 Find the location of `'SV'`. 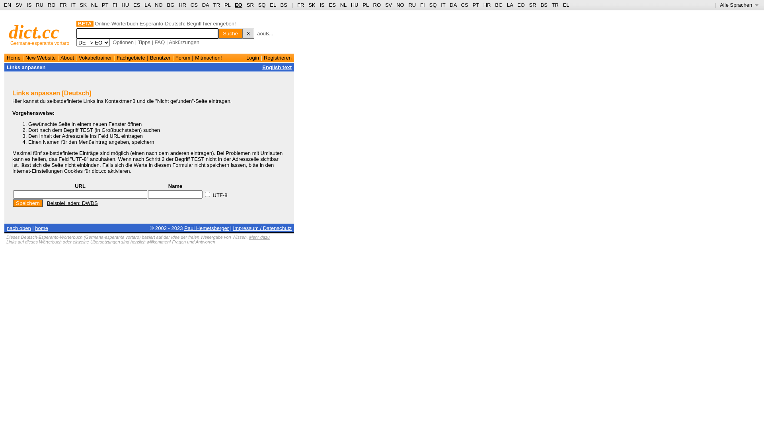

'SV' is located at coordinates (388, 5).